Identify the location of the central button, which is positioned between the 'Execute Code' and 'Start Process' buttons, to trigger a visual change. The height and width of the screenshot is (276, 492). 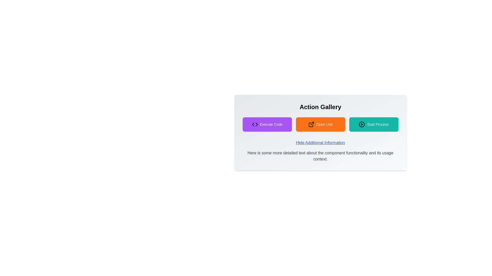
(320, 124).